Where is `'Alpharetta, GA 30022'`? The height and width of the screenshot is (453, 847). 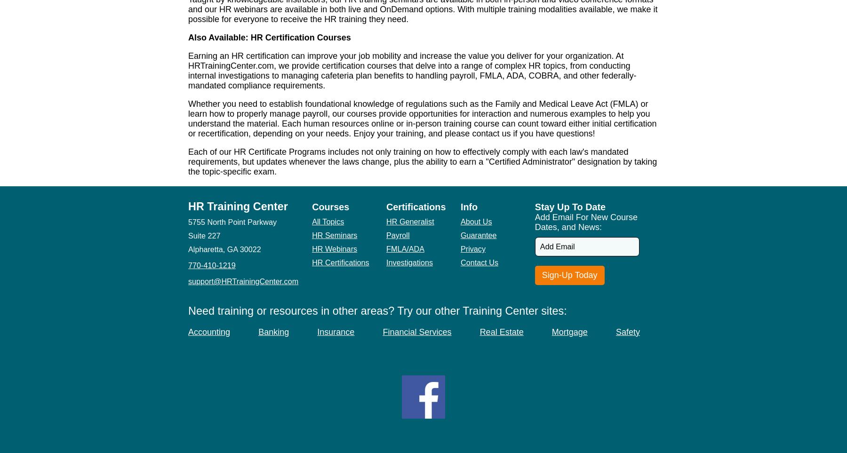 'Alpharetta, GA 30022' is located at coordinates (224, 249).